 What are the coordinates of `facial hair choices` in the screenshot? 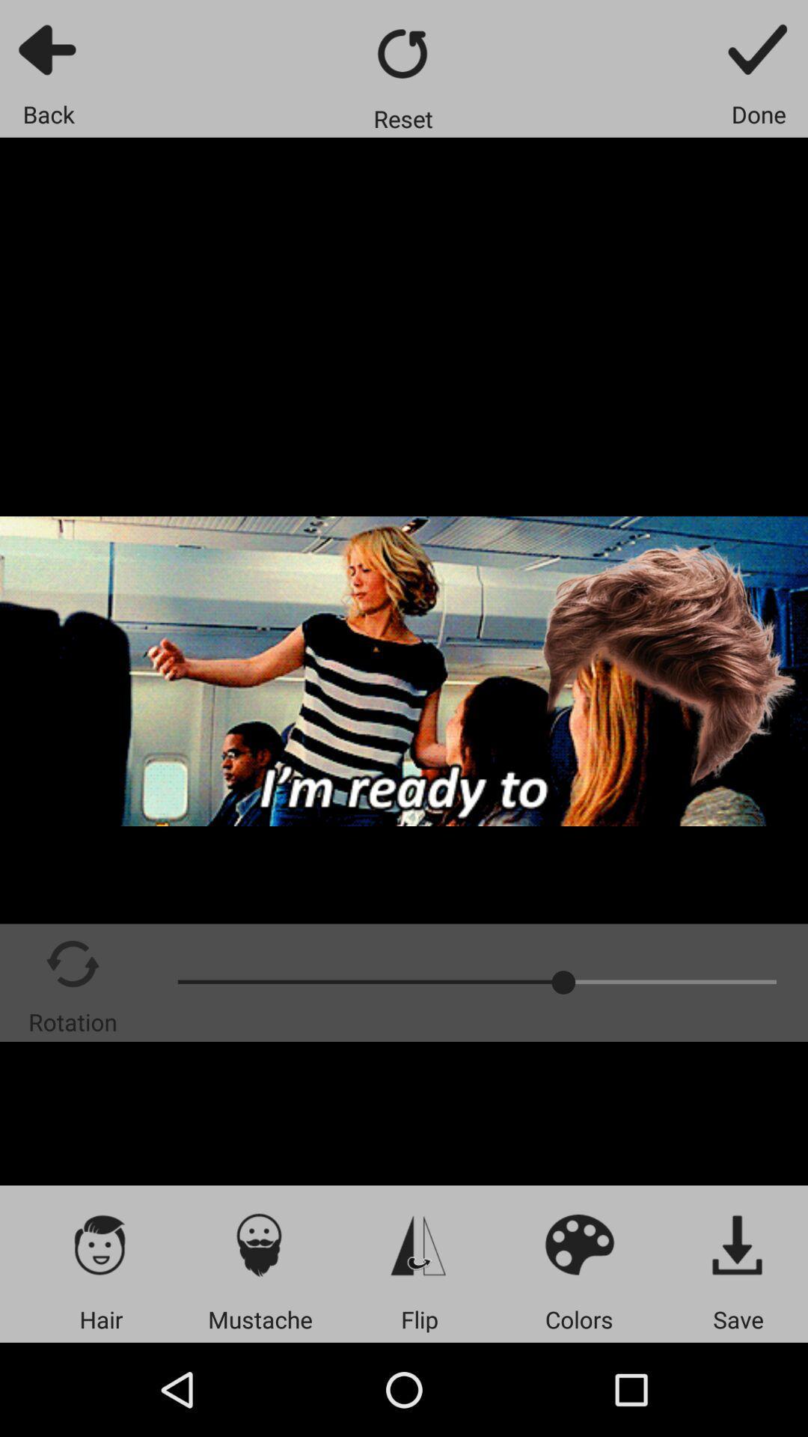 It's located at (259, 1244).